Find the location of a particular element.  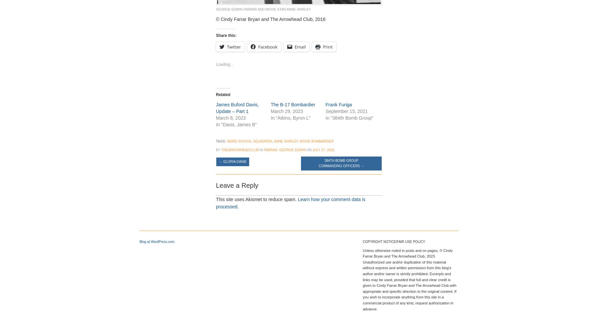

'Share this:' is located at coordinates (216, 35).